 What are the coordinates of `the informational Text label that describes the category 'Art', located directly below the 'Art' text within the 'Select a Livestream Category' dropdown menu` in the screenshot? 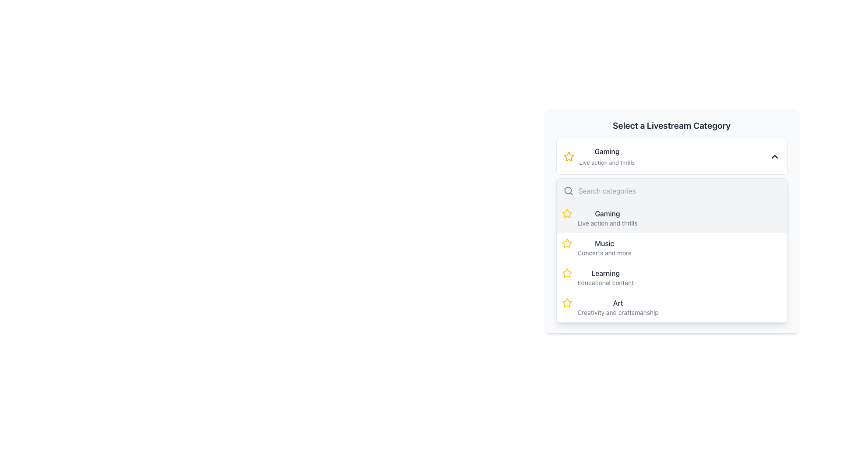 It's located at (618, 312).